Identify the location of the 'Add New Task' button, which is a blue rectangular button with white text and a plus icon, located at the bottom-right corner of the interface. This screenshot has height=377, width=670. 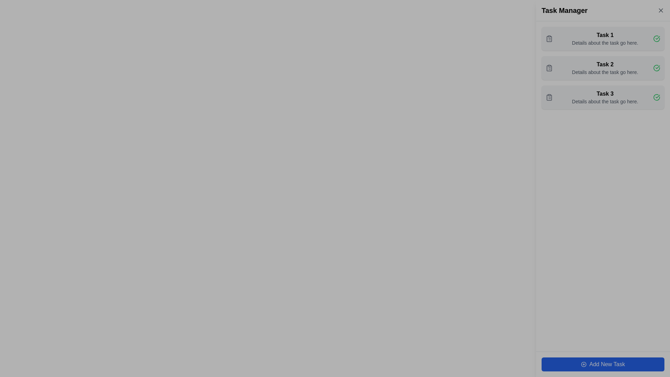
(603, 364).